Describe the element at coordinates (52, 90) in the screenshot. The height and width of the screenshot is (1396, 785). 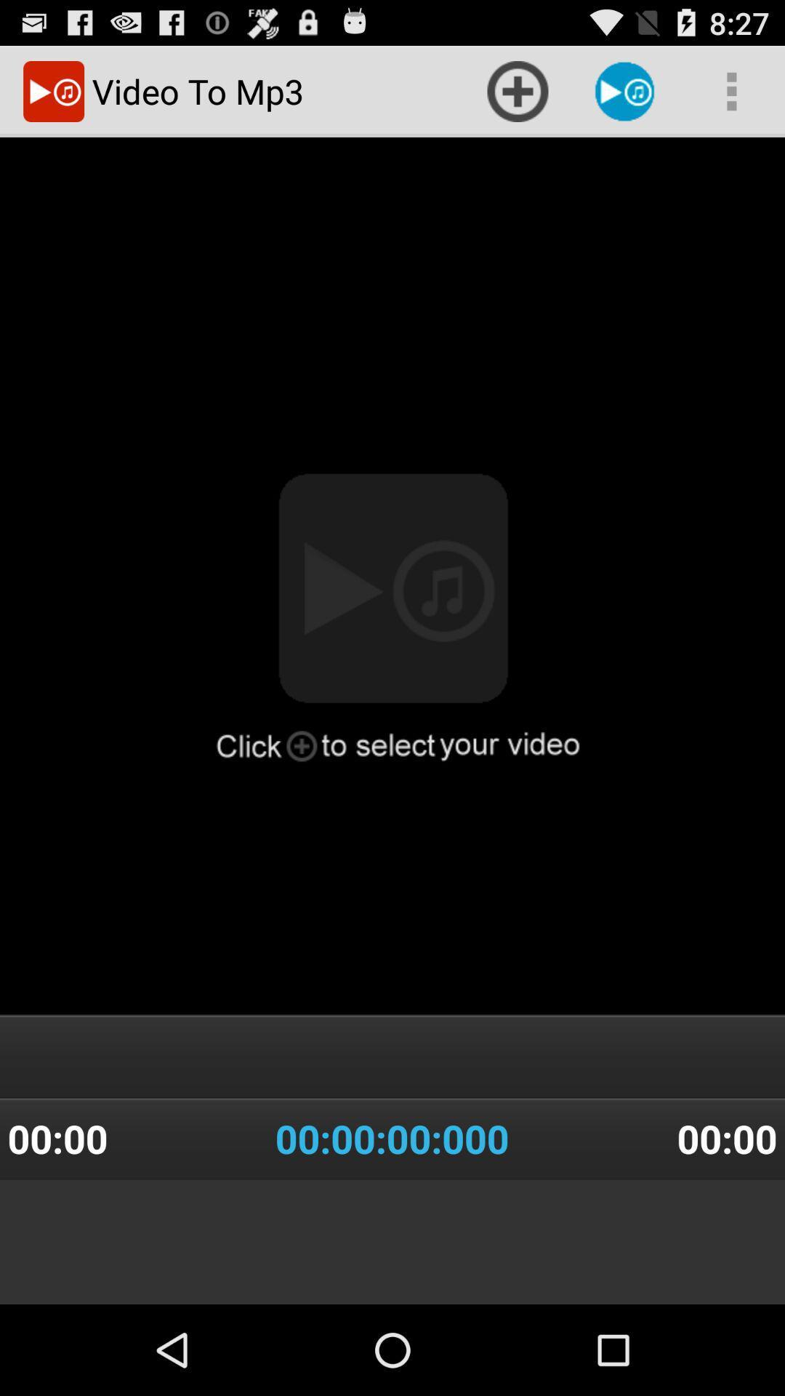
I see `symbol left to video to mp3` at that location.